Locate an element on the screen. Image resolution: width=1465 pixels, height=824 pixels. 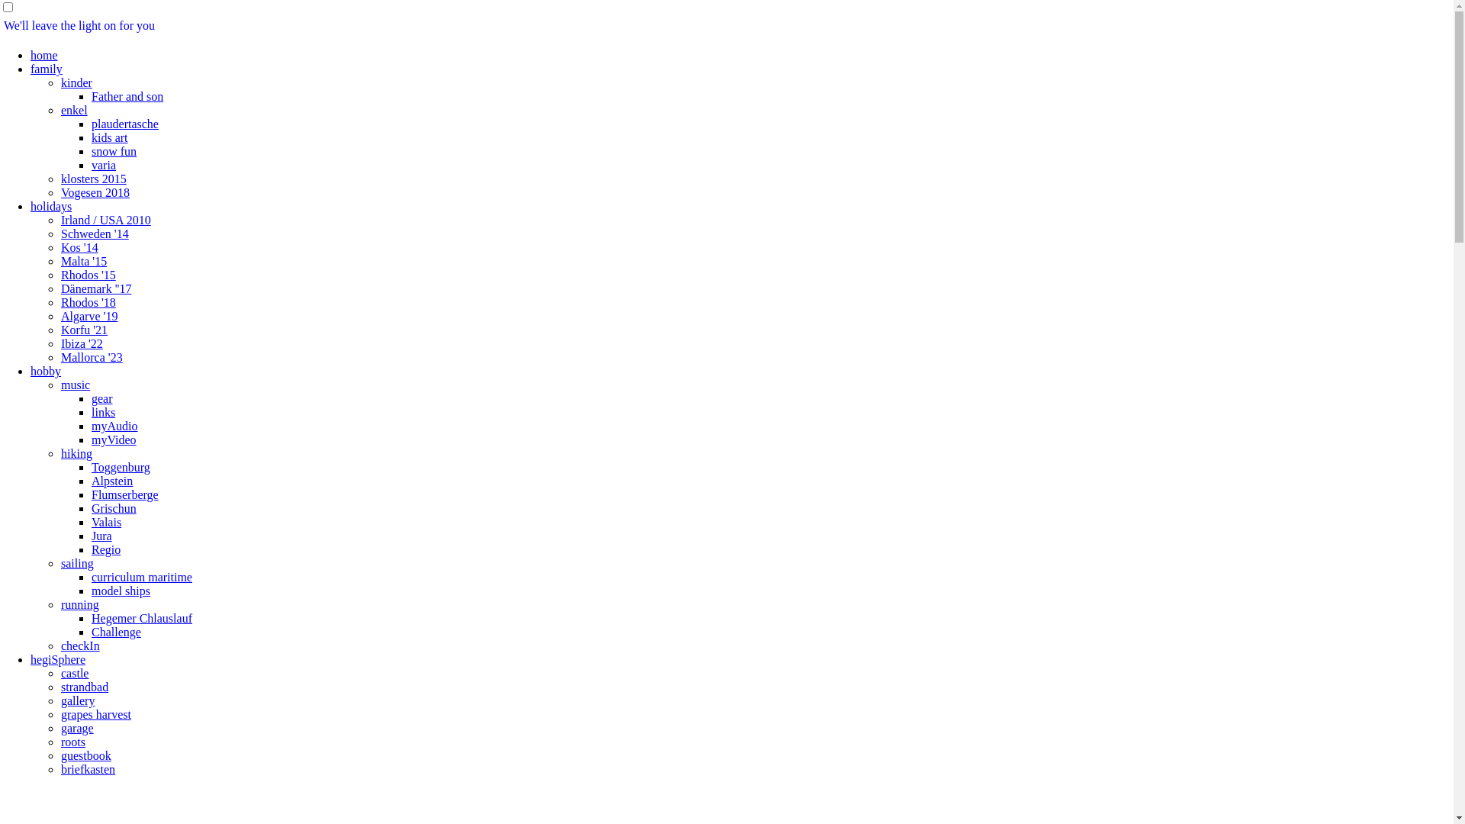
'checkIn' is located at coordinates (79, 645).